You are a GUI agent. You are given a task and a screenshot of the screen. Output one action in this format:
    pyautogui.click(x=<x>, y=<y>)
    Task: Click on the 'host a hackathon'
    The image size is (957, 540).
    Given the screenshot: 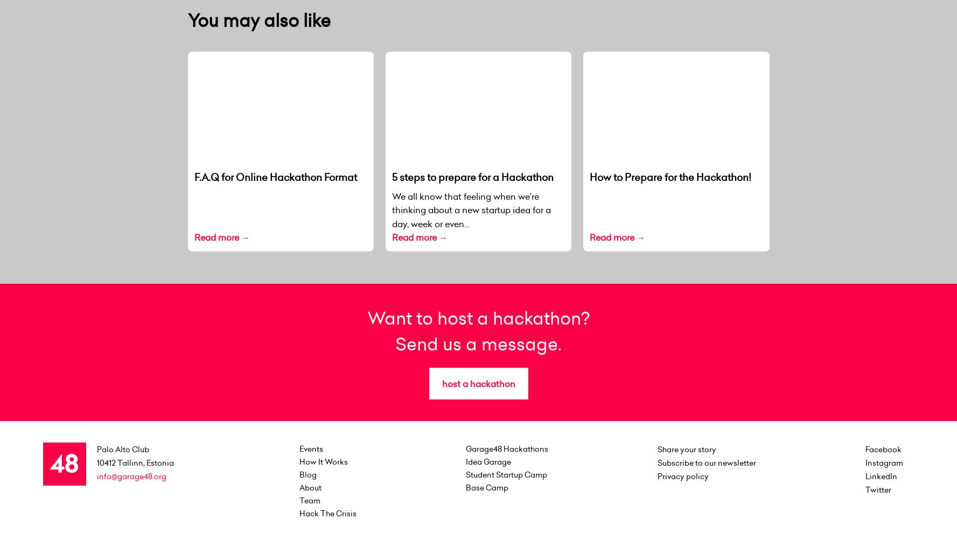 What is the action you would take?
    pyautogui.click(x=477, y=383)
    